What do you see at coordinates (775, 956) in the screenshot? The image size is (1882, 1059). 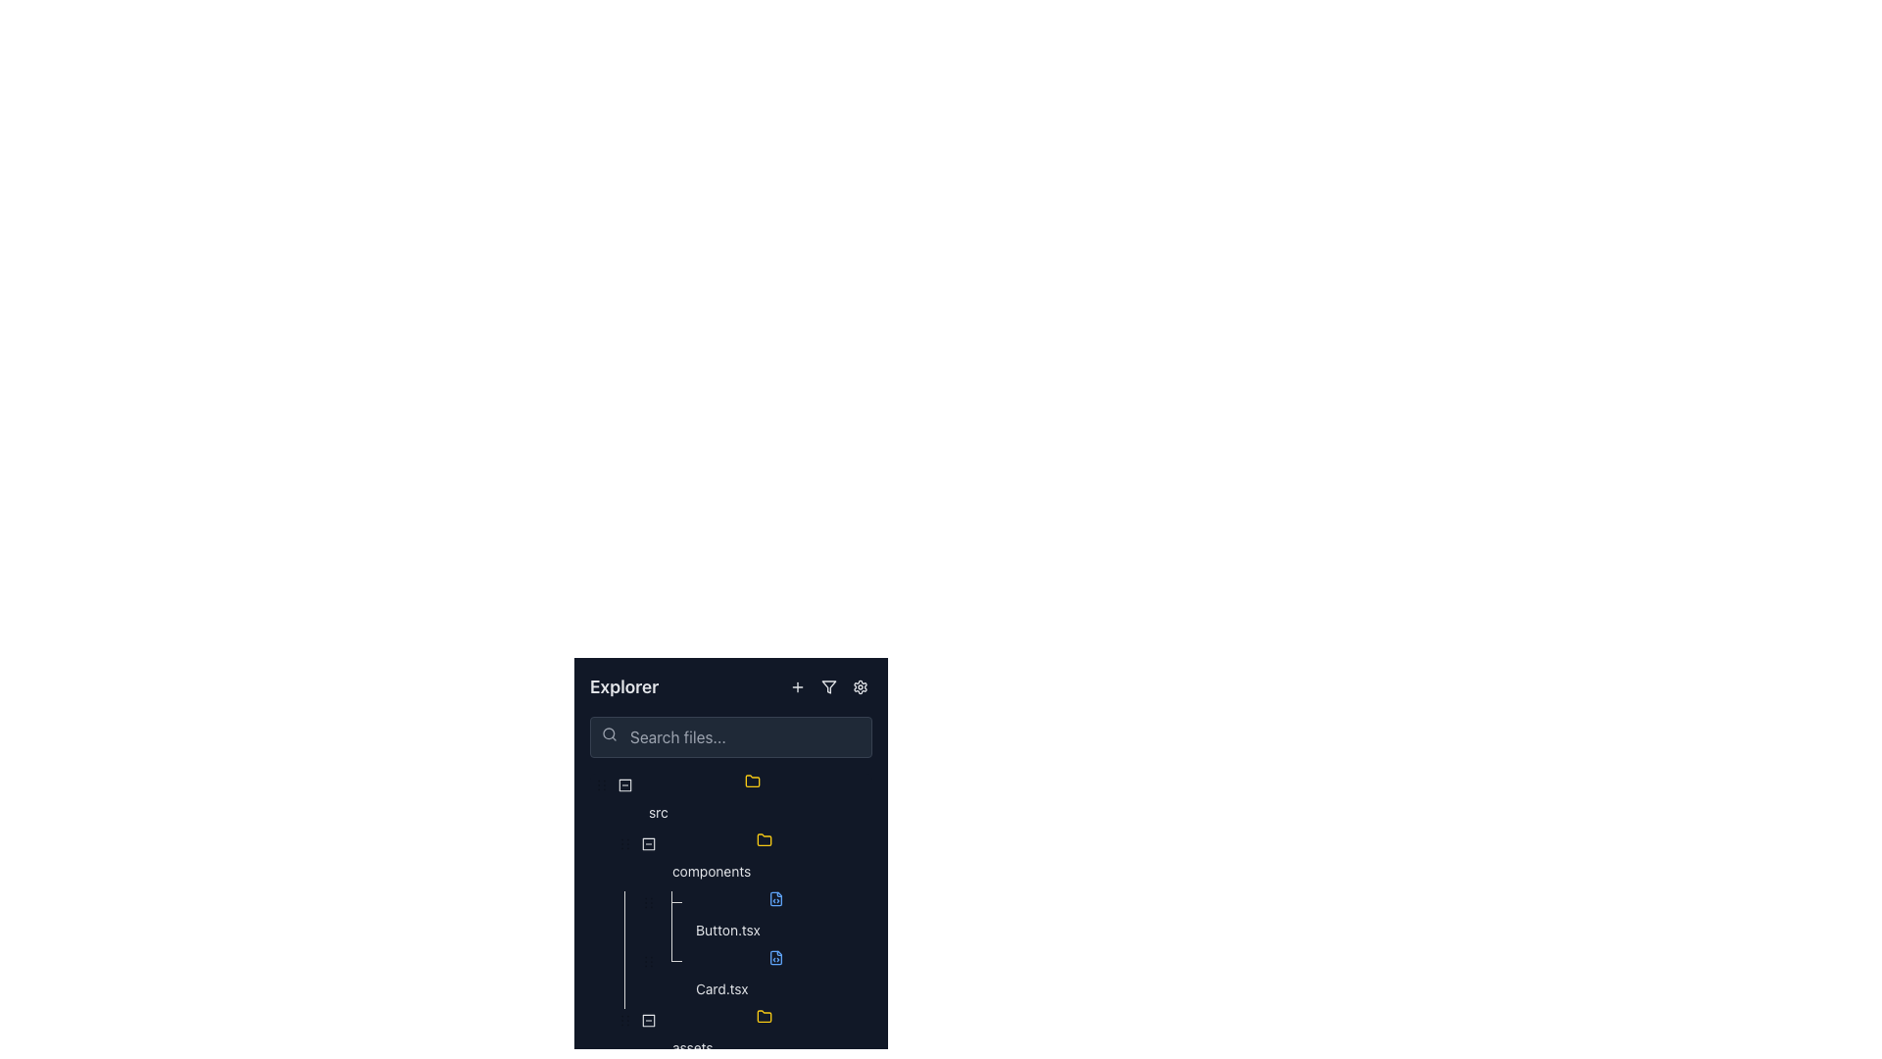 I see `the code file icon located beneath the 'components' entry in the file explorer interface` at bounding box center [775, 956].